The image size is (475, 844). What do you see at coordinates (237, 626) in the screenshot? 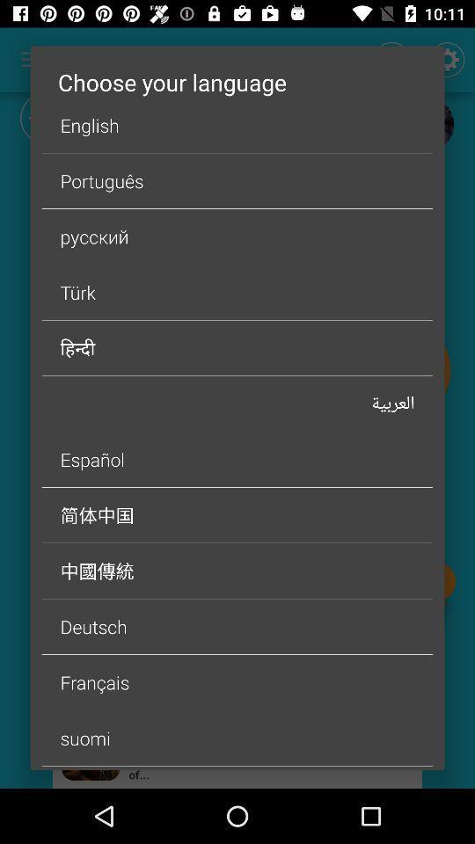
I see `deutsch item` at bounding box center [237, 626].